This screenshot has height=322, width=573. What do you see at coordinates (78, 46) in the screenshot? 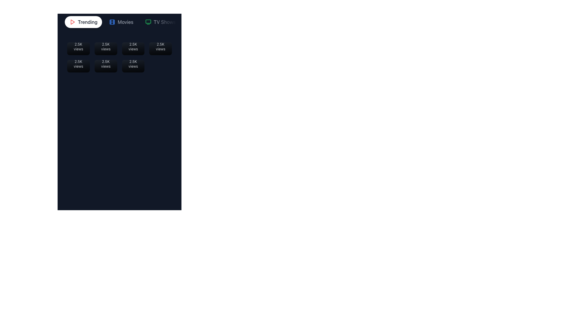
I see `the text label displaying '2.5K views', which is formatted in a small-sized, gray, sans-serif font and positioned beneath 'Content Title 1'` at bounding box center [78, 46].